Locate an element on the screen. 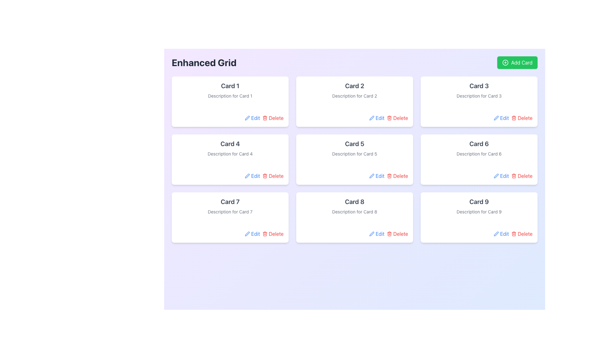  static text label located at the top central region of the card, which serves as the title or identifier for the card in the third position from the left in the top row of a grid arrangement of cards is located at coordinates (479, 86).